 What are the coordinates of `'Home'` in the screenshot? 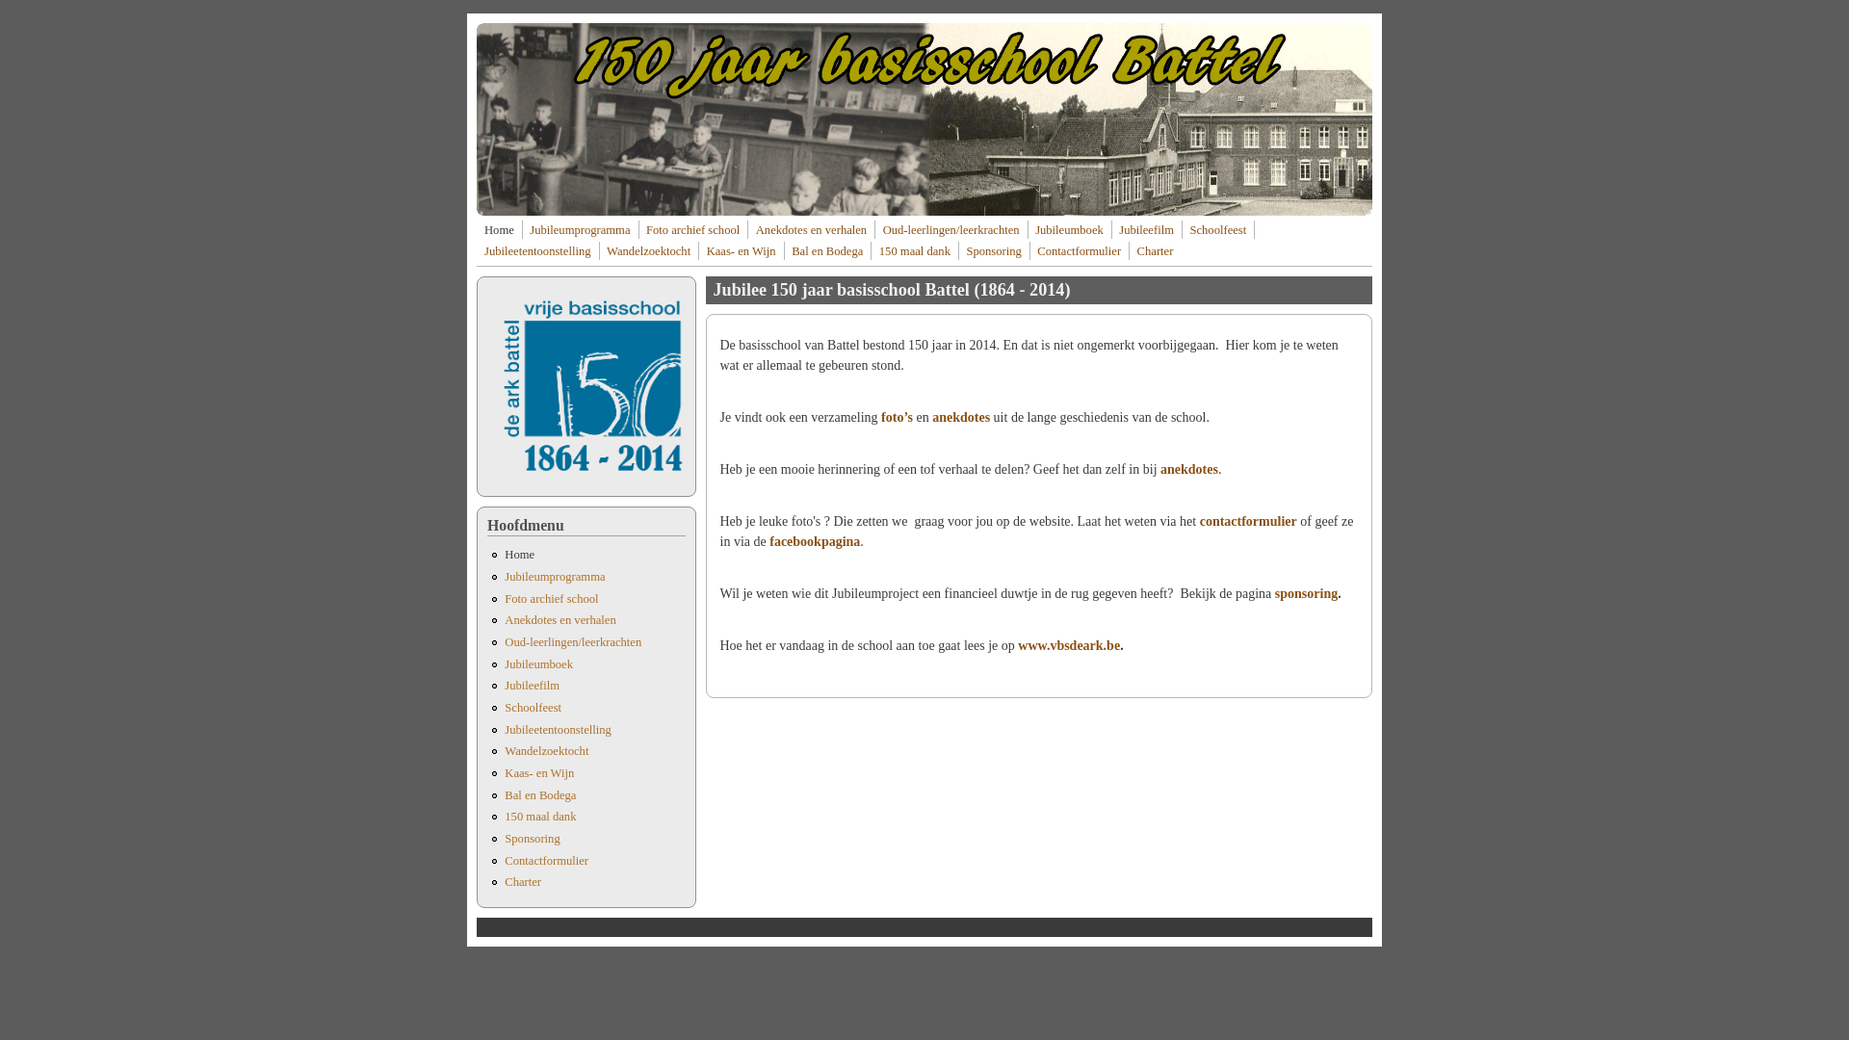 It's located at (499, 229).